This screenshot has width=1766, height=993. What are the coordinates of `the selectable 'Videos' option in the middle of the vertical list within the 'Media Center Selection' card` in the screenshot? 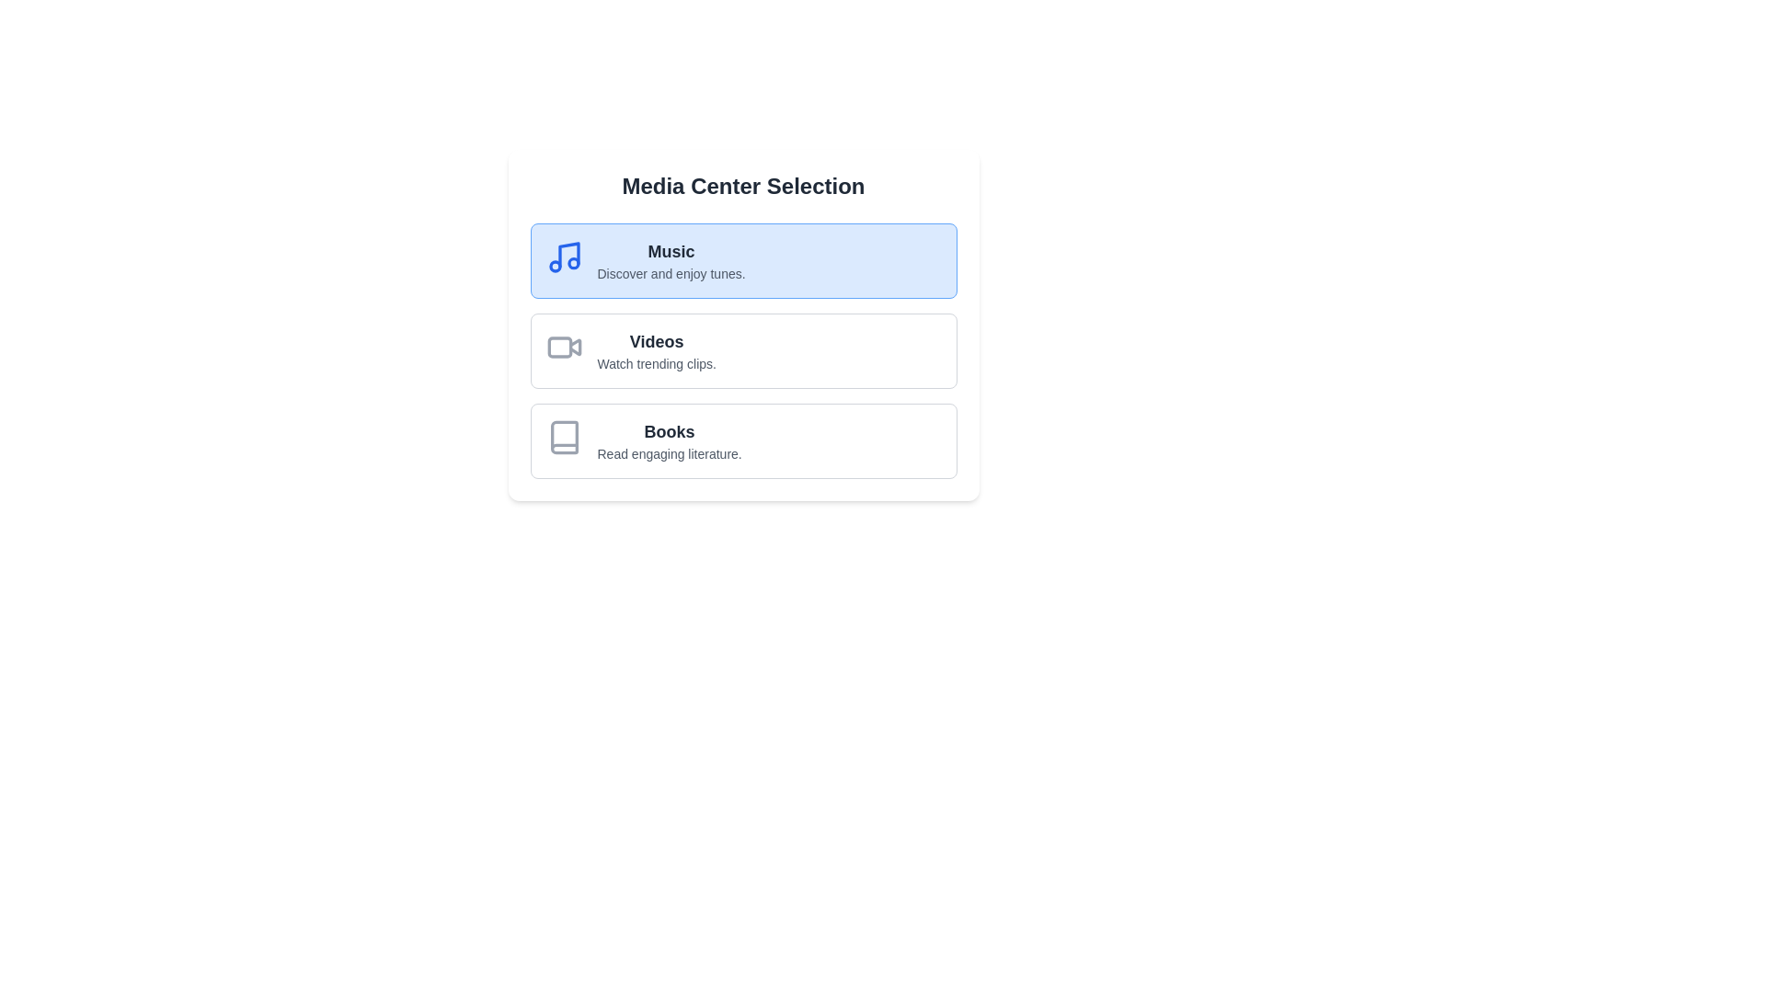 It's located at (657, 350).